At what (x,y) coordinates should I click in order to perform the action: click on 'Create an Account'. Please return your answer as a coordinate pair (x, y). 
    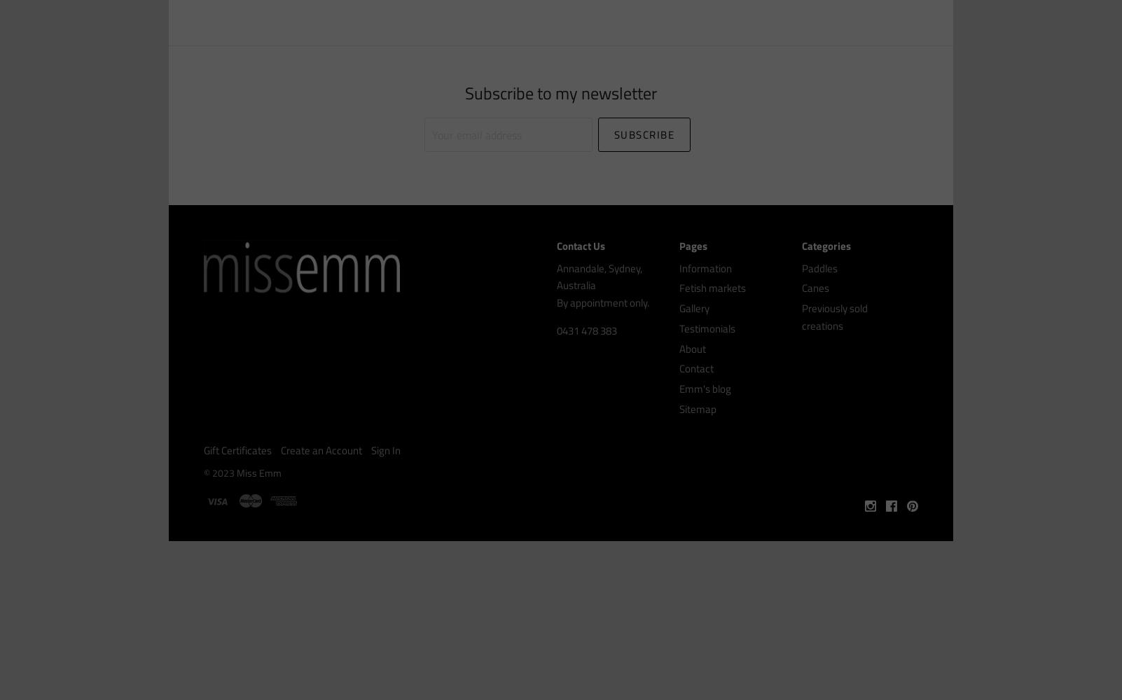
    Looking at the image, I should click on (321, 449).